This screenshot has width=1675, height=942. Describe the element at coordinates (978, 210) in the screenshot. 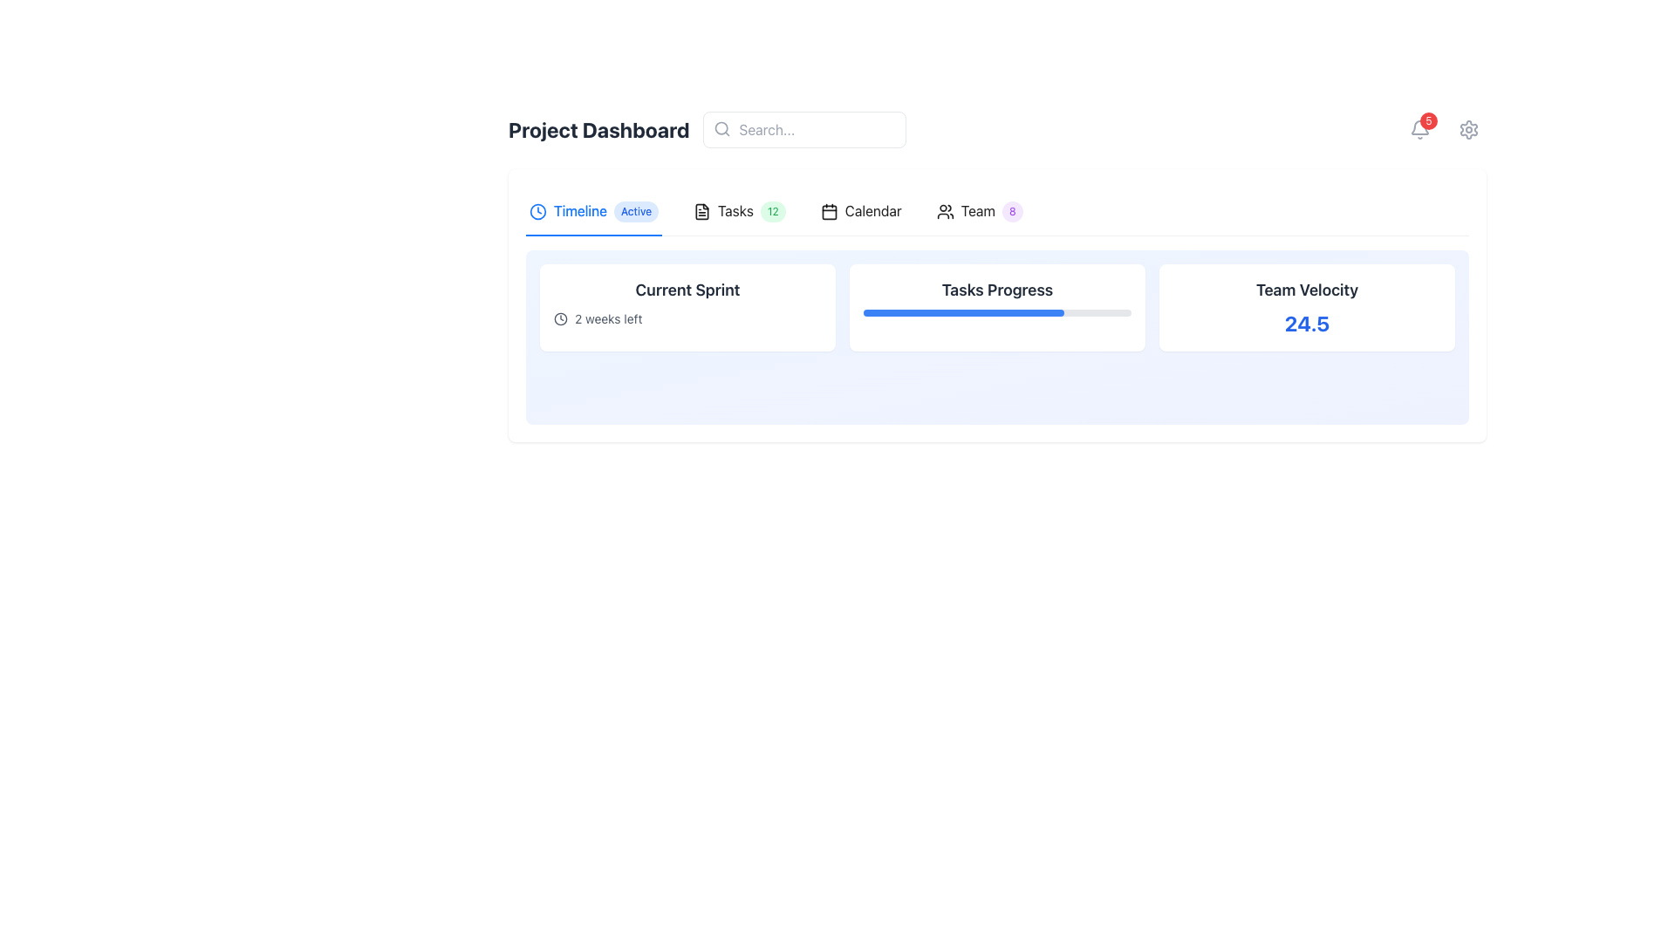

I see `the 'Team' text label located in the upper section of the interface, to the right of the group icon and followed by a badge with the numeral '8'` at that location.